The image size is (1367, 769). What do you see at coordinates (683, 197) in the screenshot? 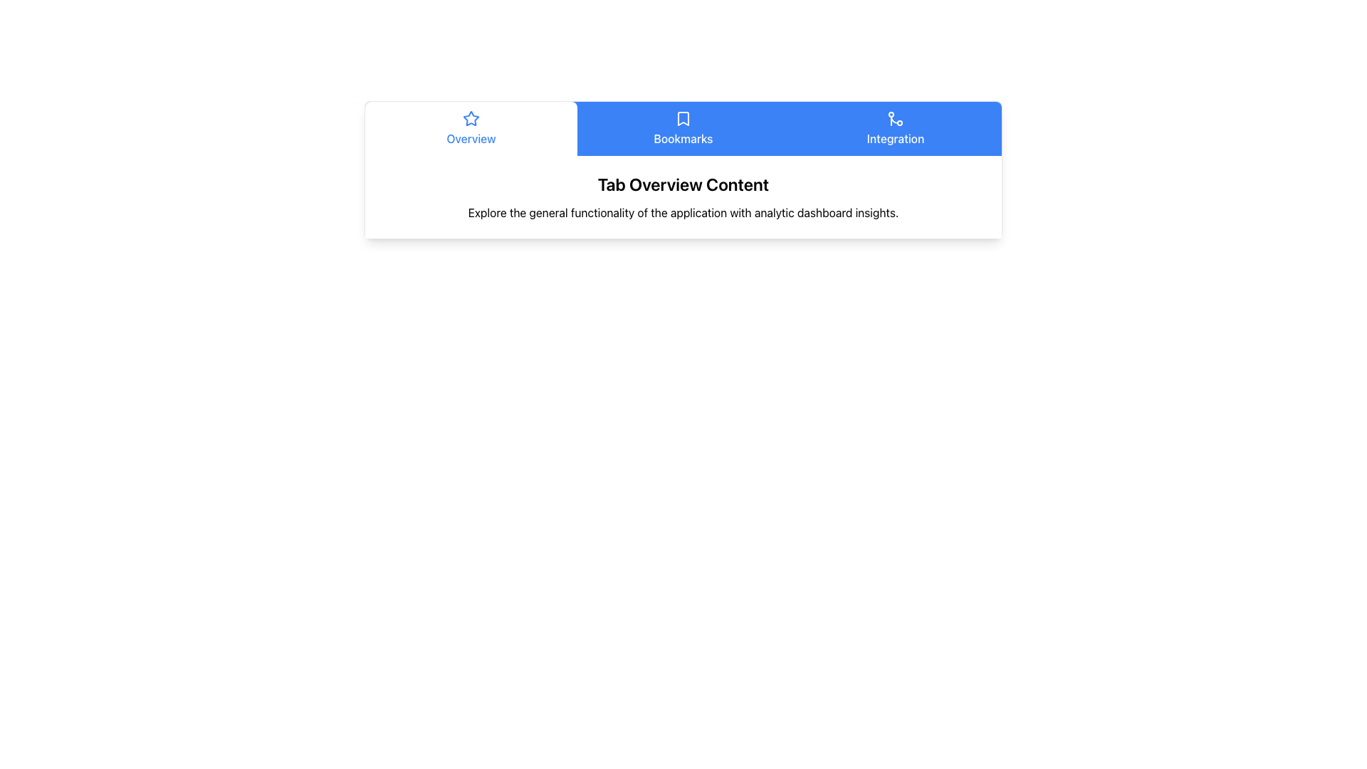
I see `the Informational Panel titled 'Tab Overview Content'` at bounding box center [683, 197].